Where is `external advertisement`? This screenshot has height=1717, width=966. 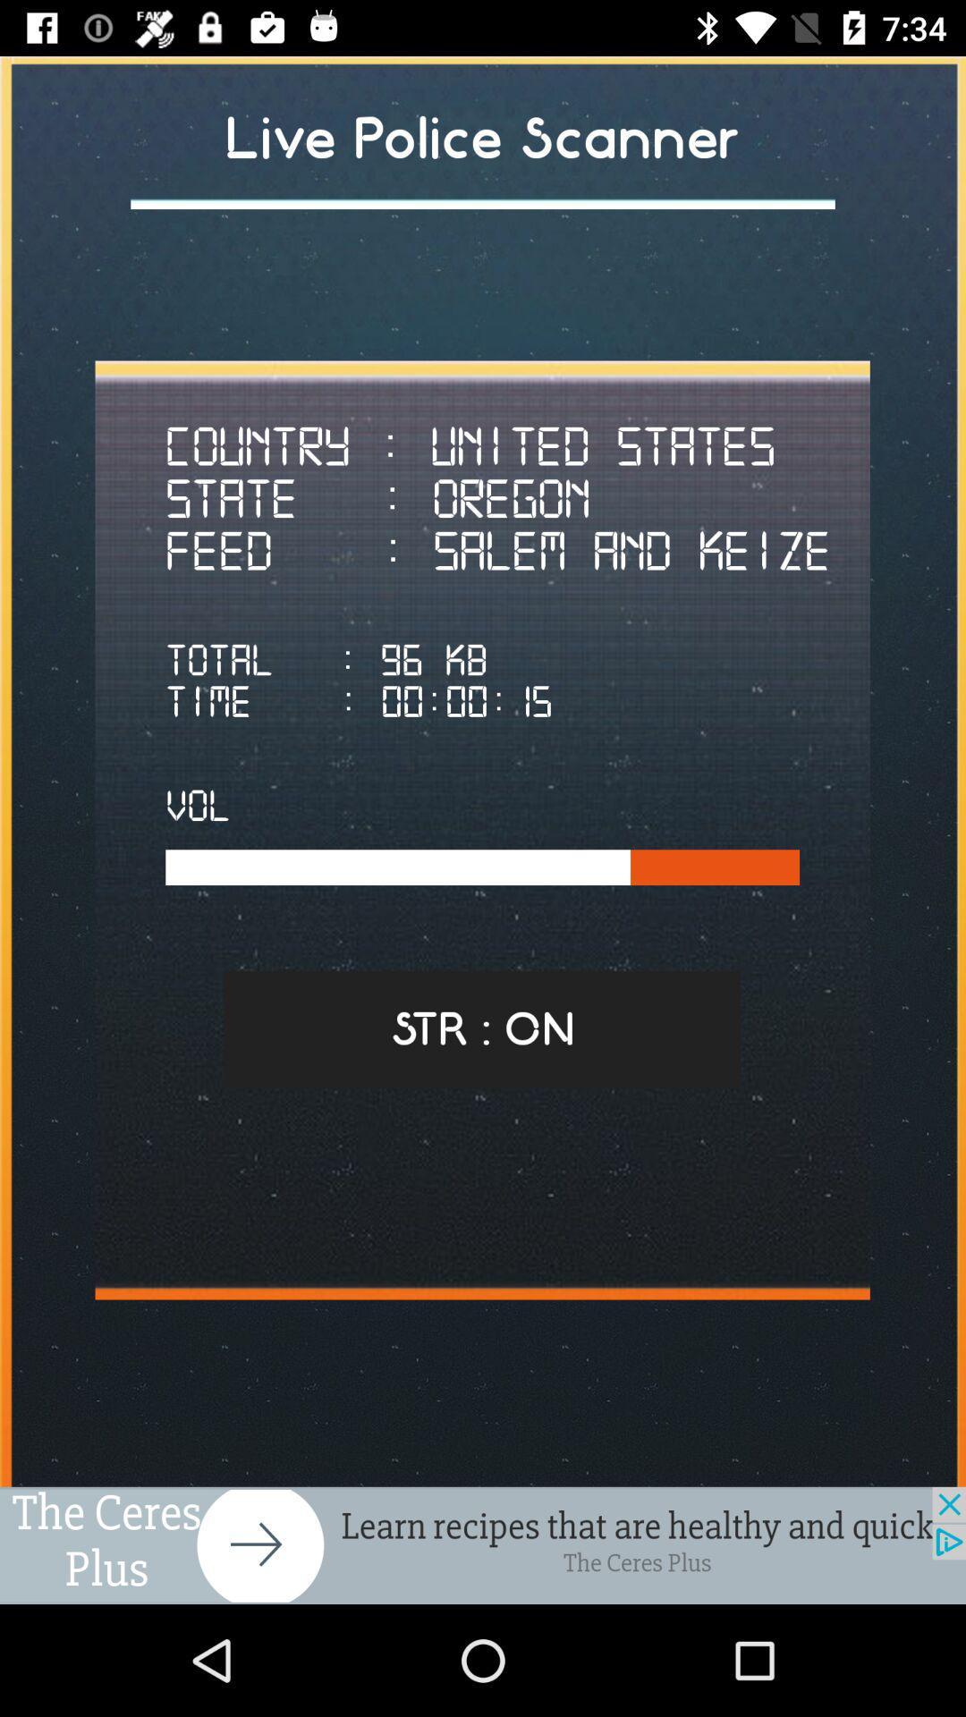
external advertisement is located at coordinates (483, 1544).